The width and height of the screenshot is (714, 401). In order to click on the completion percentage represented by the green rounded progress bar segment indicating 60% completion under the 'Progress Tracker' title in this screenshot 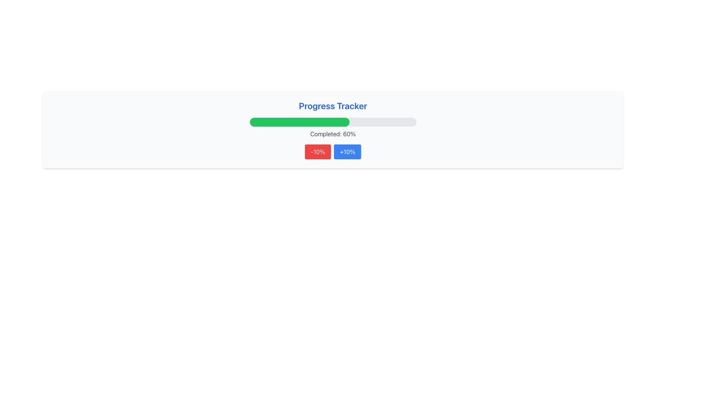, I will do `click(299, 121)`.